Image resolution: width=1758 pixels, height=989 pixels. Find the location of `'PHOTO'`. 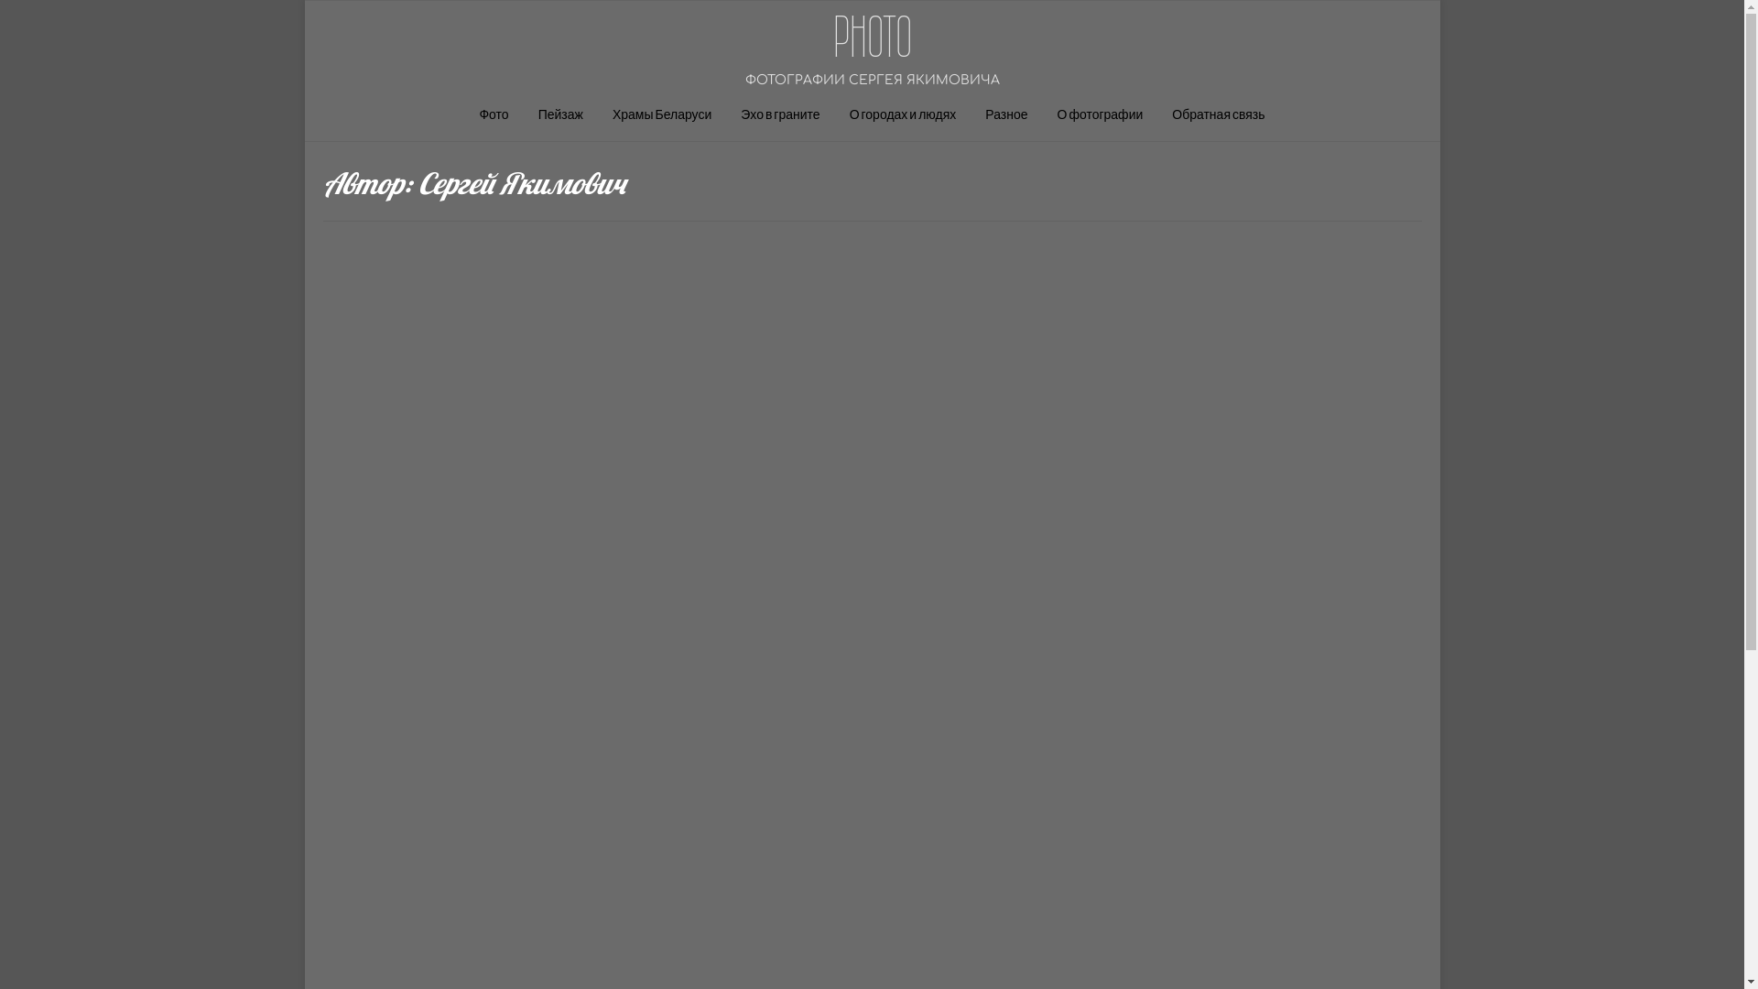

'PHOTO' is located at coordinates (872, 36).